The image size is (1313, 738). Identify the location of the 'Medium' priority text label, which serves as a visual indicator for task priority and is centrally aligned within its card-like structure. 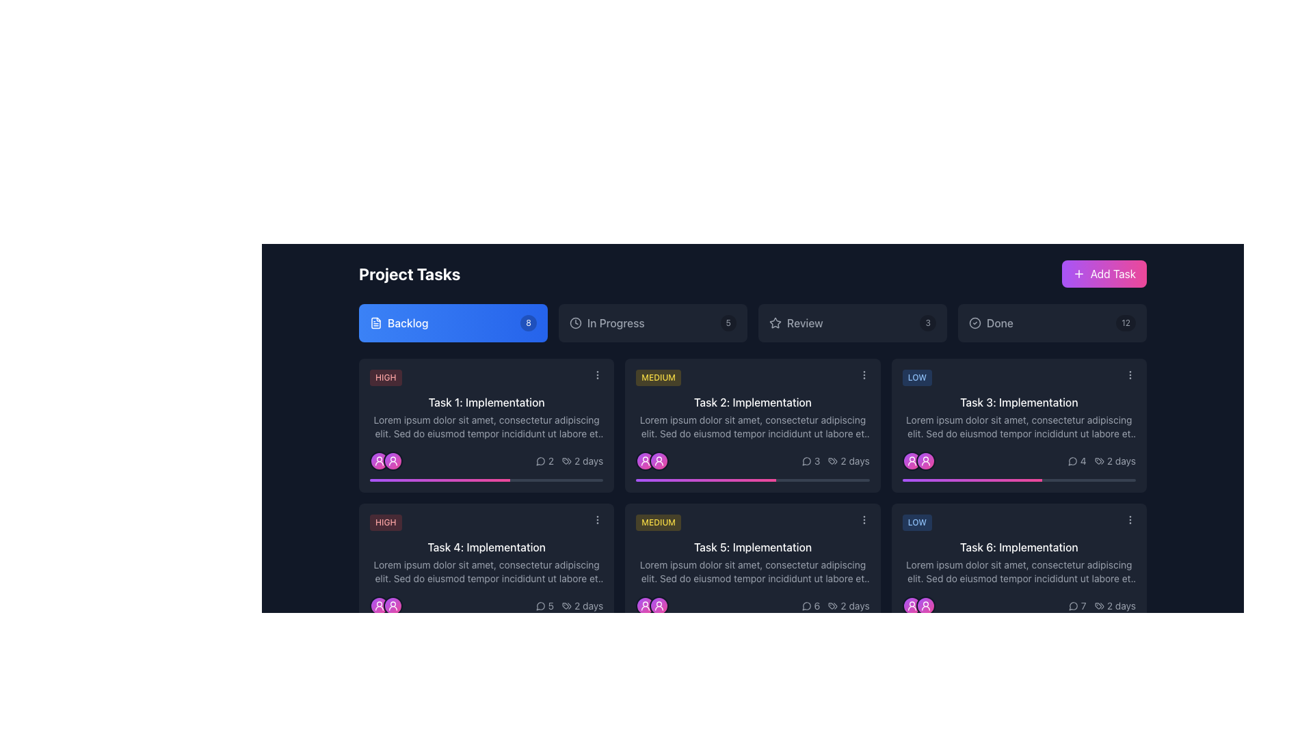
(659, 377).